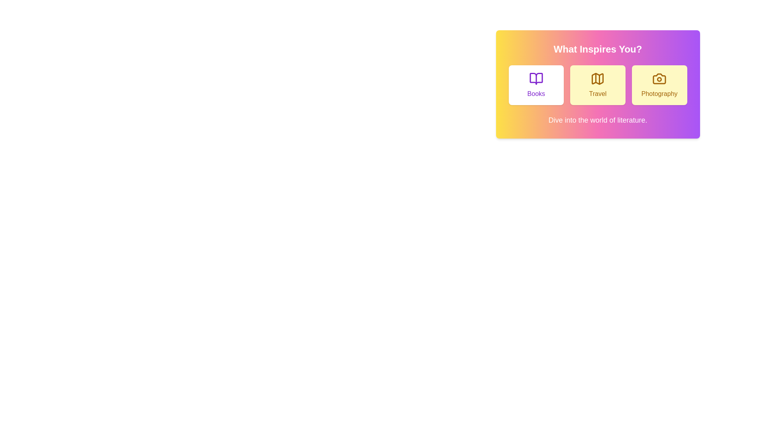 The image size is (765, 430). Describe the element at coordinates (659, 85) in the screenshot. I see `the Photography button` at that location.